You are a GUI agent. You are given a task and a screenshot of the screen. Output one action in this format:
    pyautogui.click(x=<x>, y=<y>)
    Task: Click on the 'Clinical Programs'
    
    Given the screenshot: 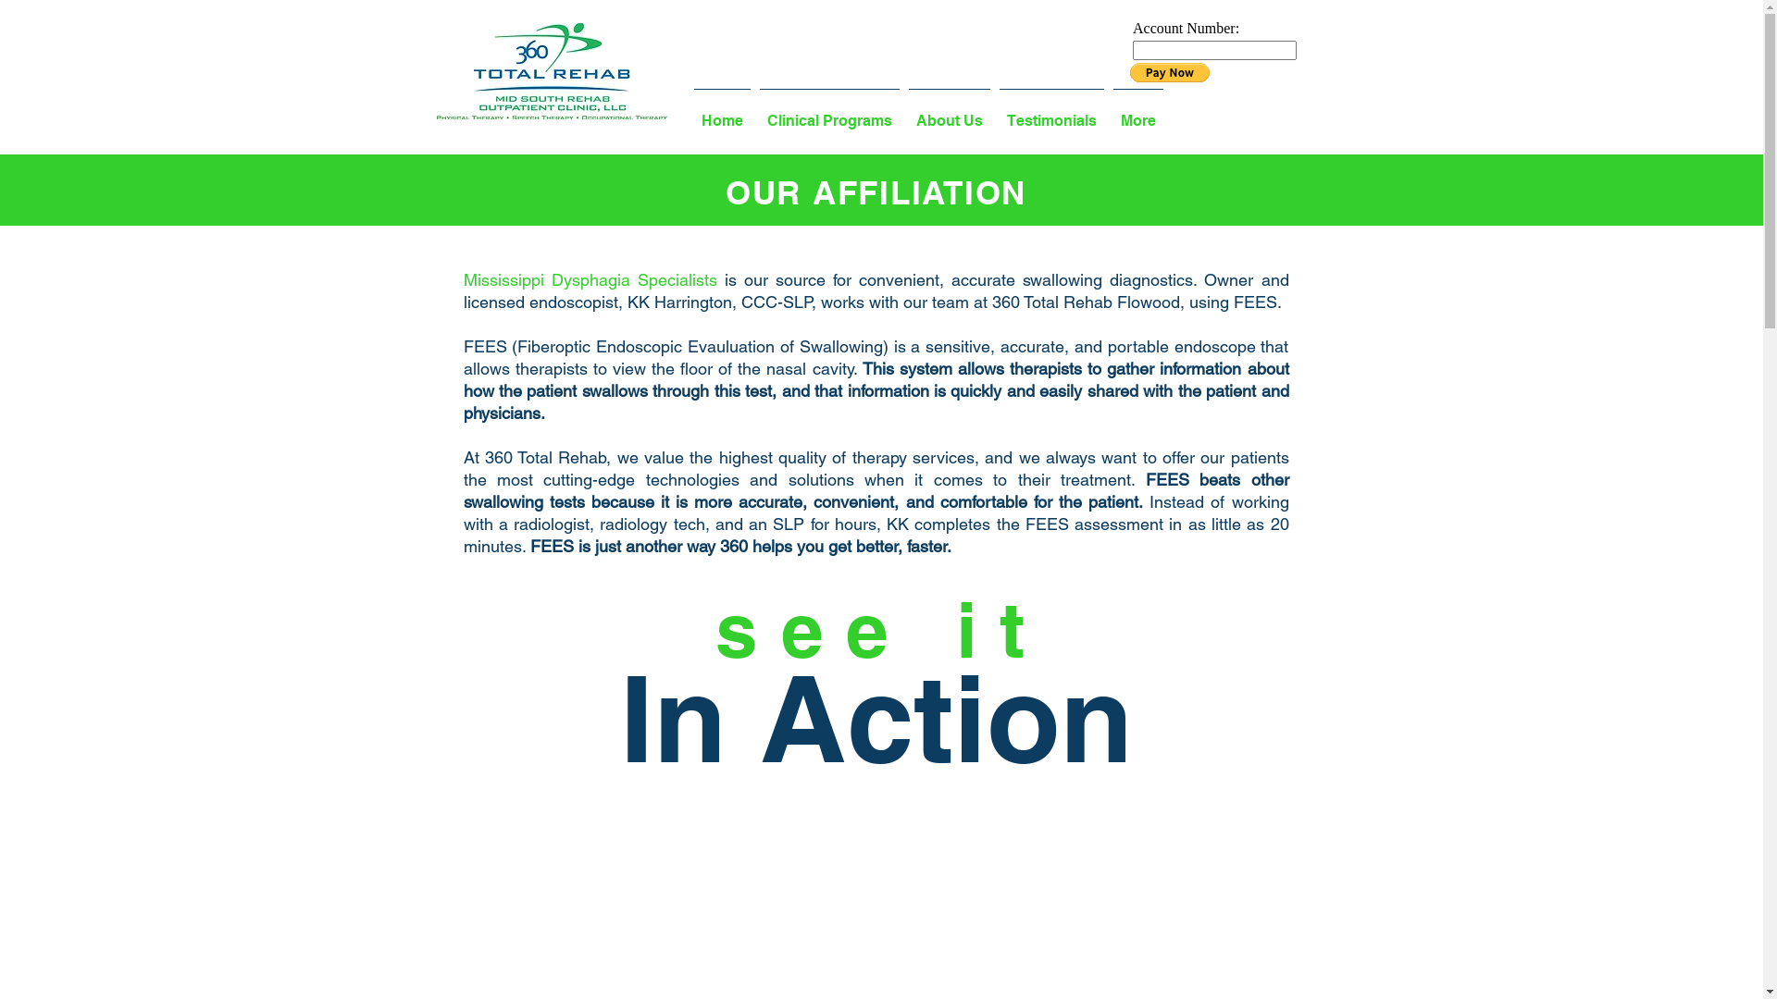 What is the action you would take?
    pyautogui.click(x=828, y=112)
    